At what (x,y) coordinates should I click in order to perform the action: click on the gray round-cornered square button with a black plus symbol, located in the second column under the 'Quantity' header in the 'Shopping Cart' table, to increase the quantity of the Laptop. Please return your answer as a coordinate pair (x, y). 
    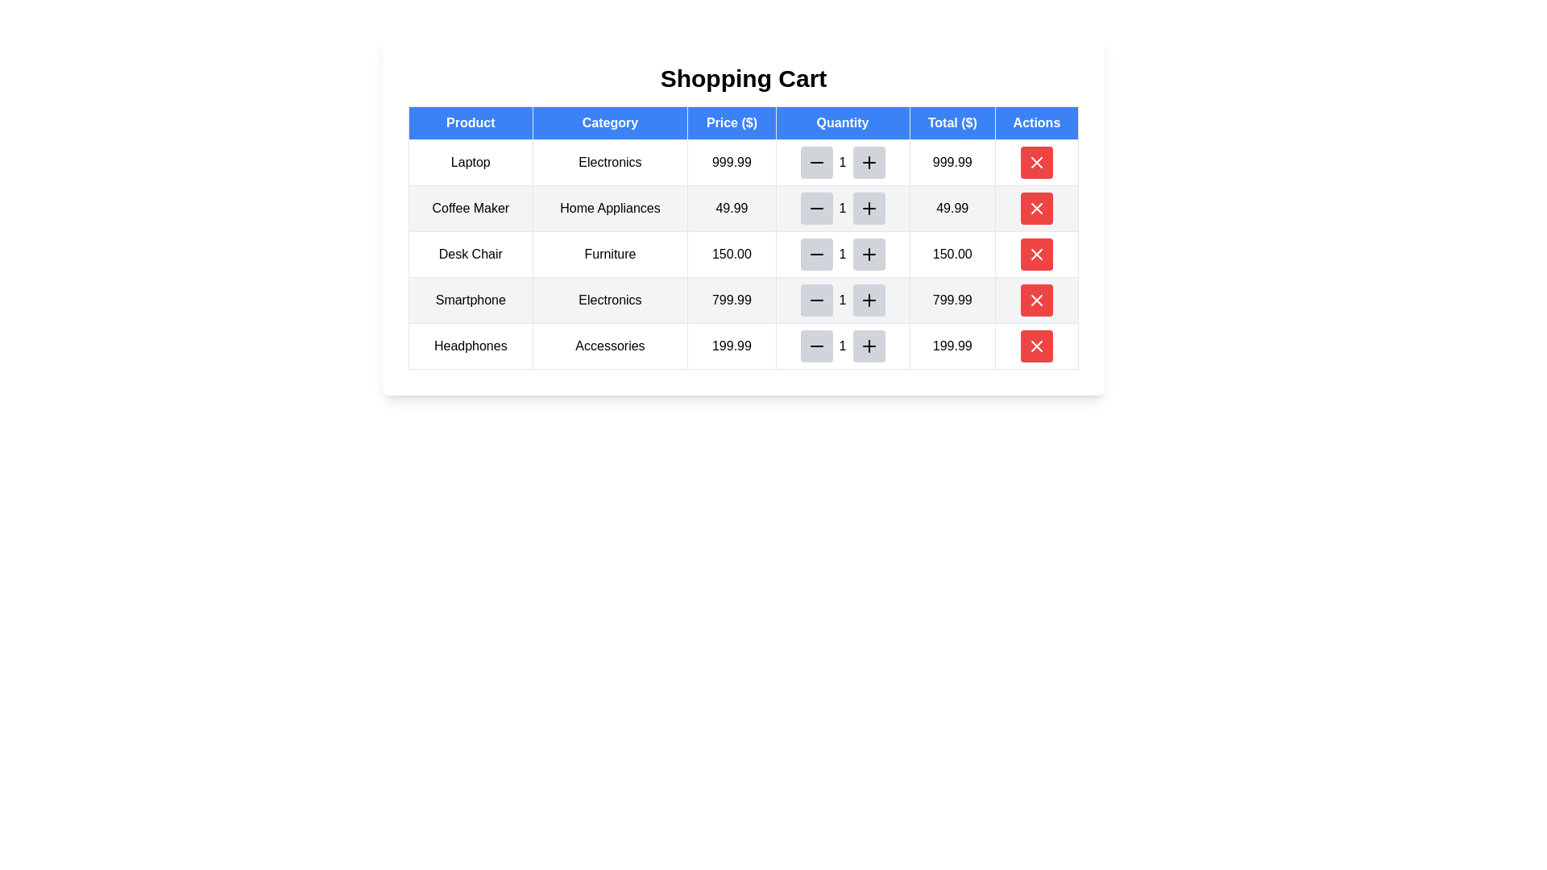
    Looking at the image, I should click on (868, 162).